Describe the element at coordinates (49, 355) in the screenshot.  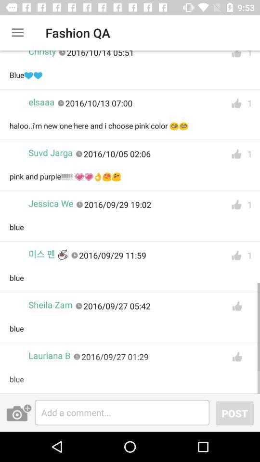
I see `the item below blue` at that location.